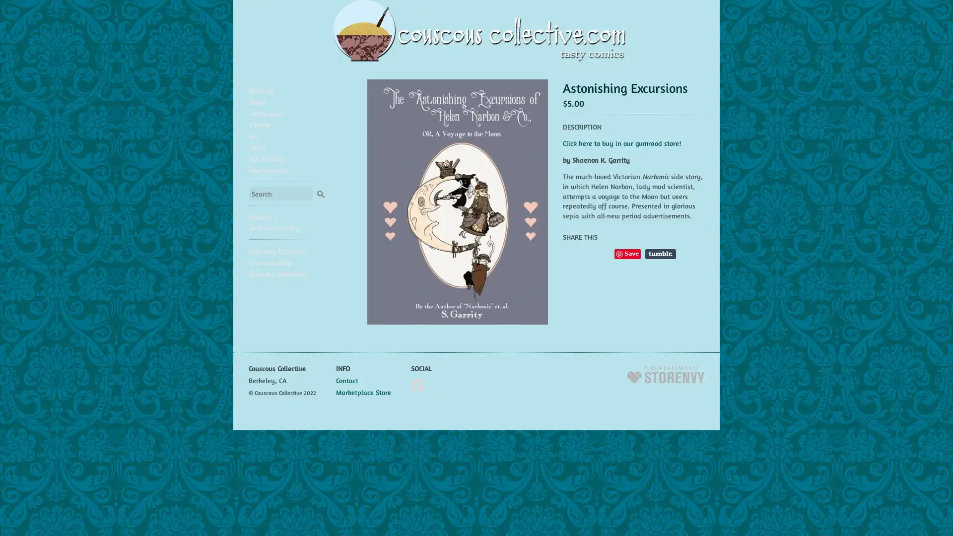  I want to click on Search, so click(320, 193).